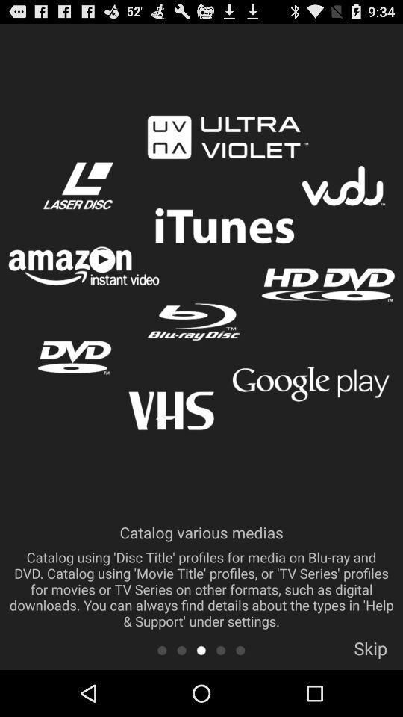 This screenshot has height=717, width=403. Describe the element at coordinates (161, 649) in the screenshot. I see `screen 1` at that location.